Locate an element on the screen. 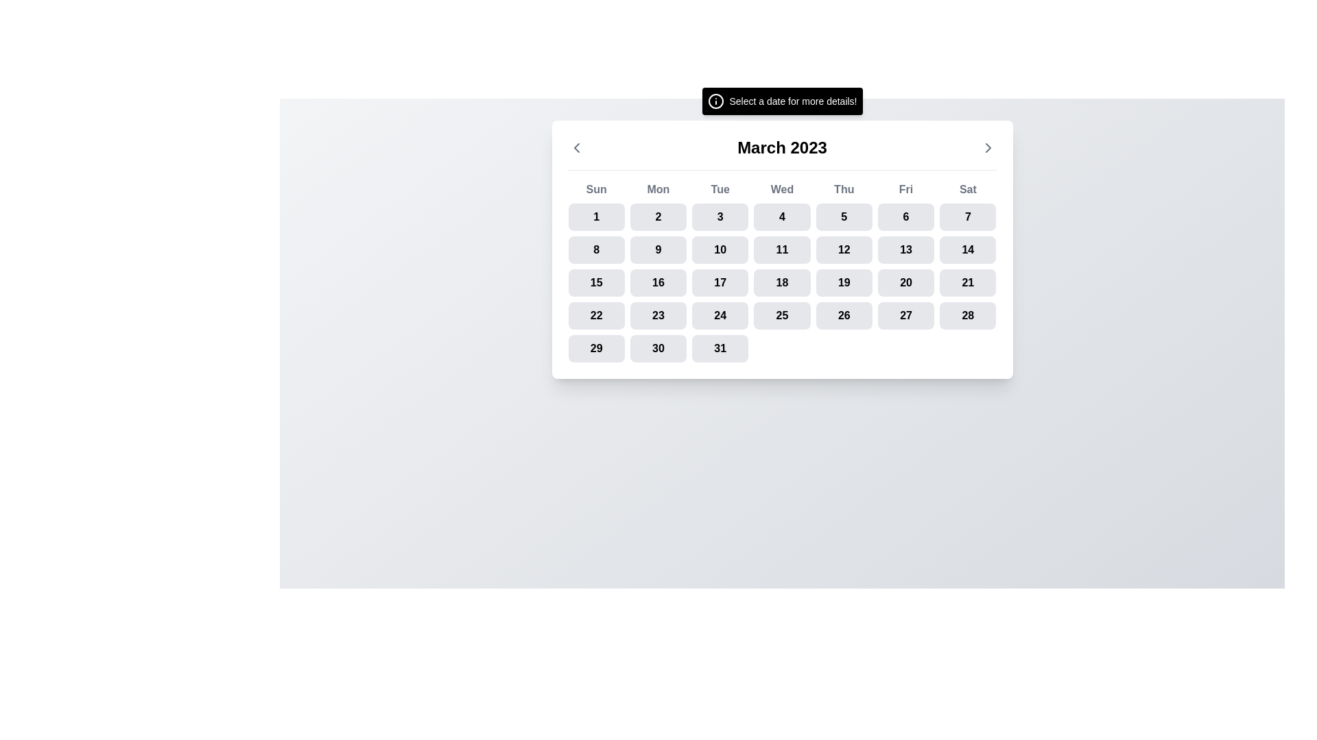  the rounded rectangular button labeled '30' is located at coordinates (658, 348).